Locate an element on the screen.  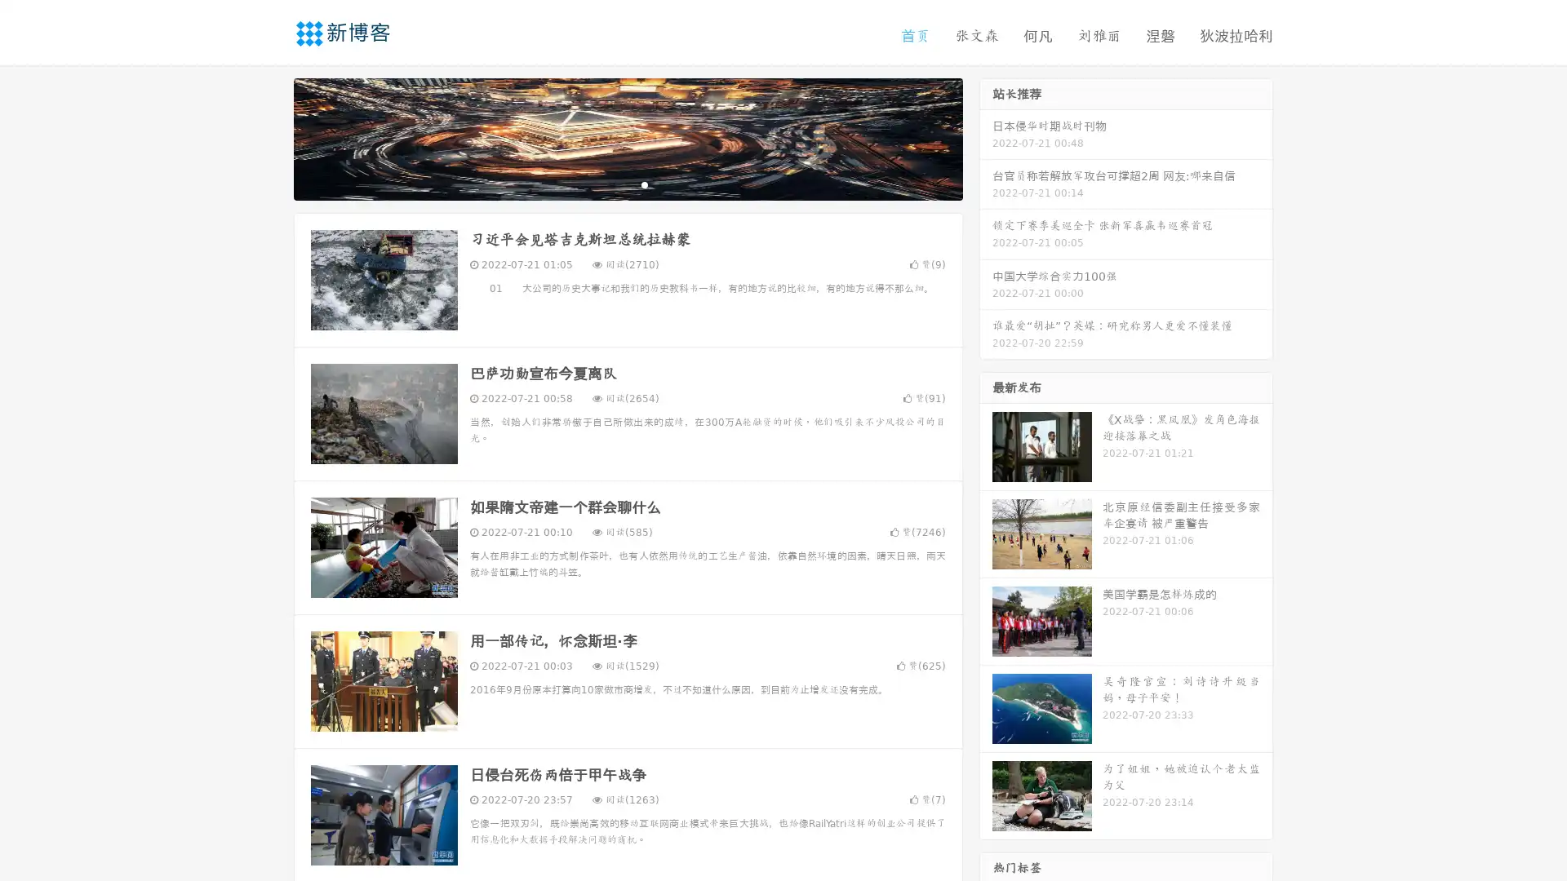
Go to slide 2 is located at coordinates (627, 184).